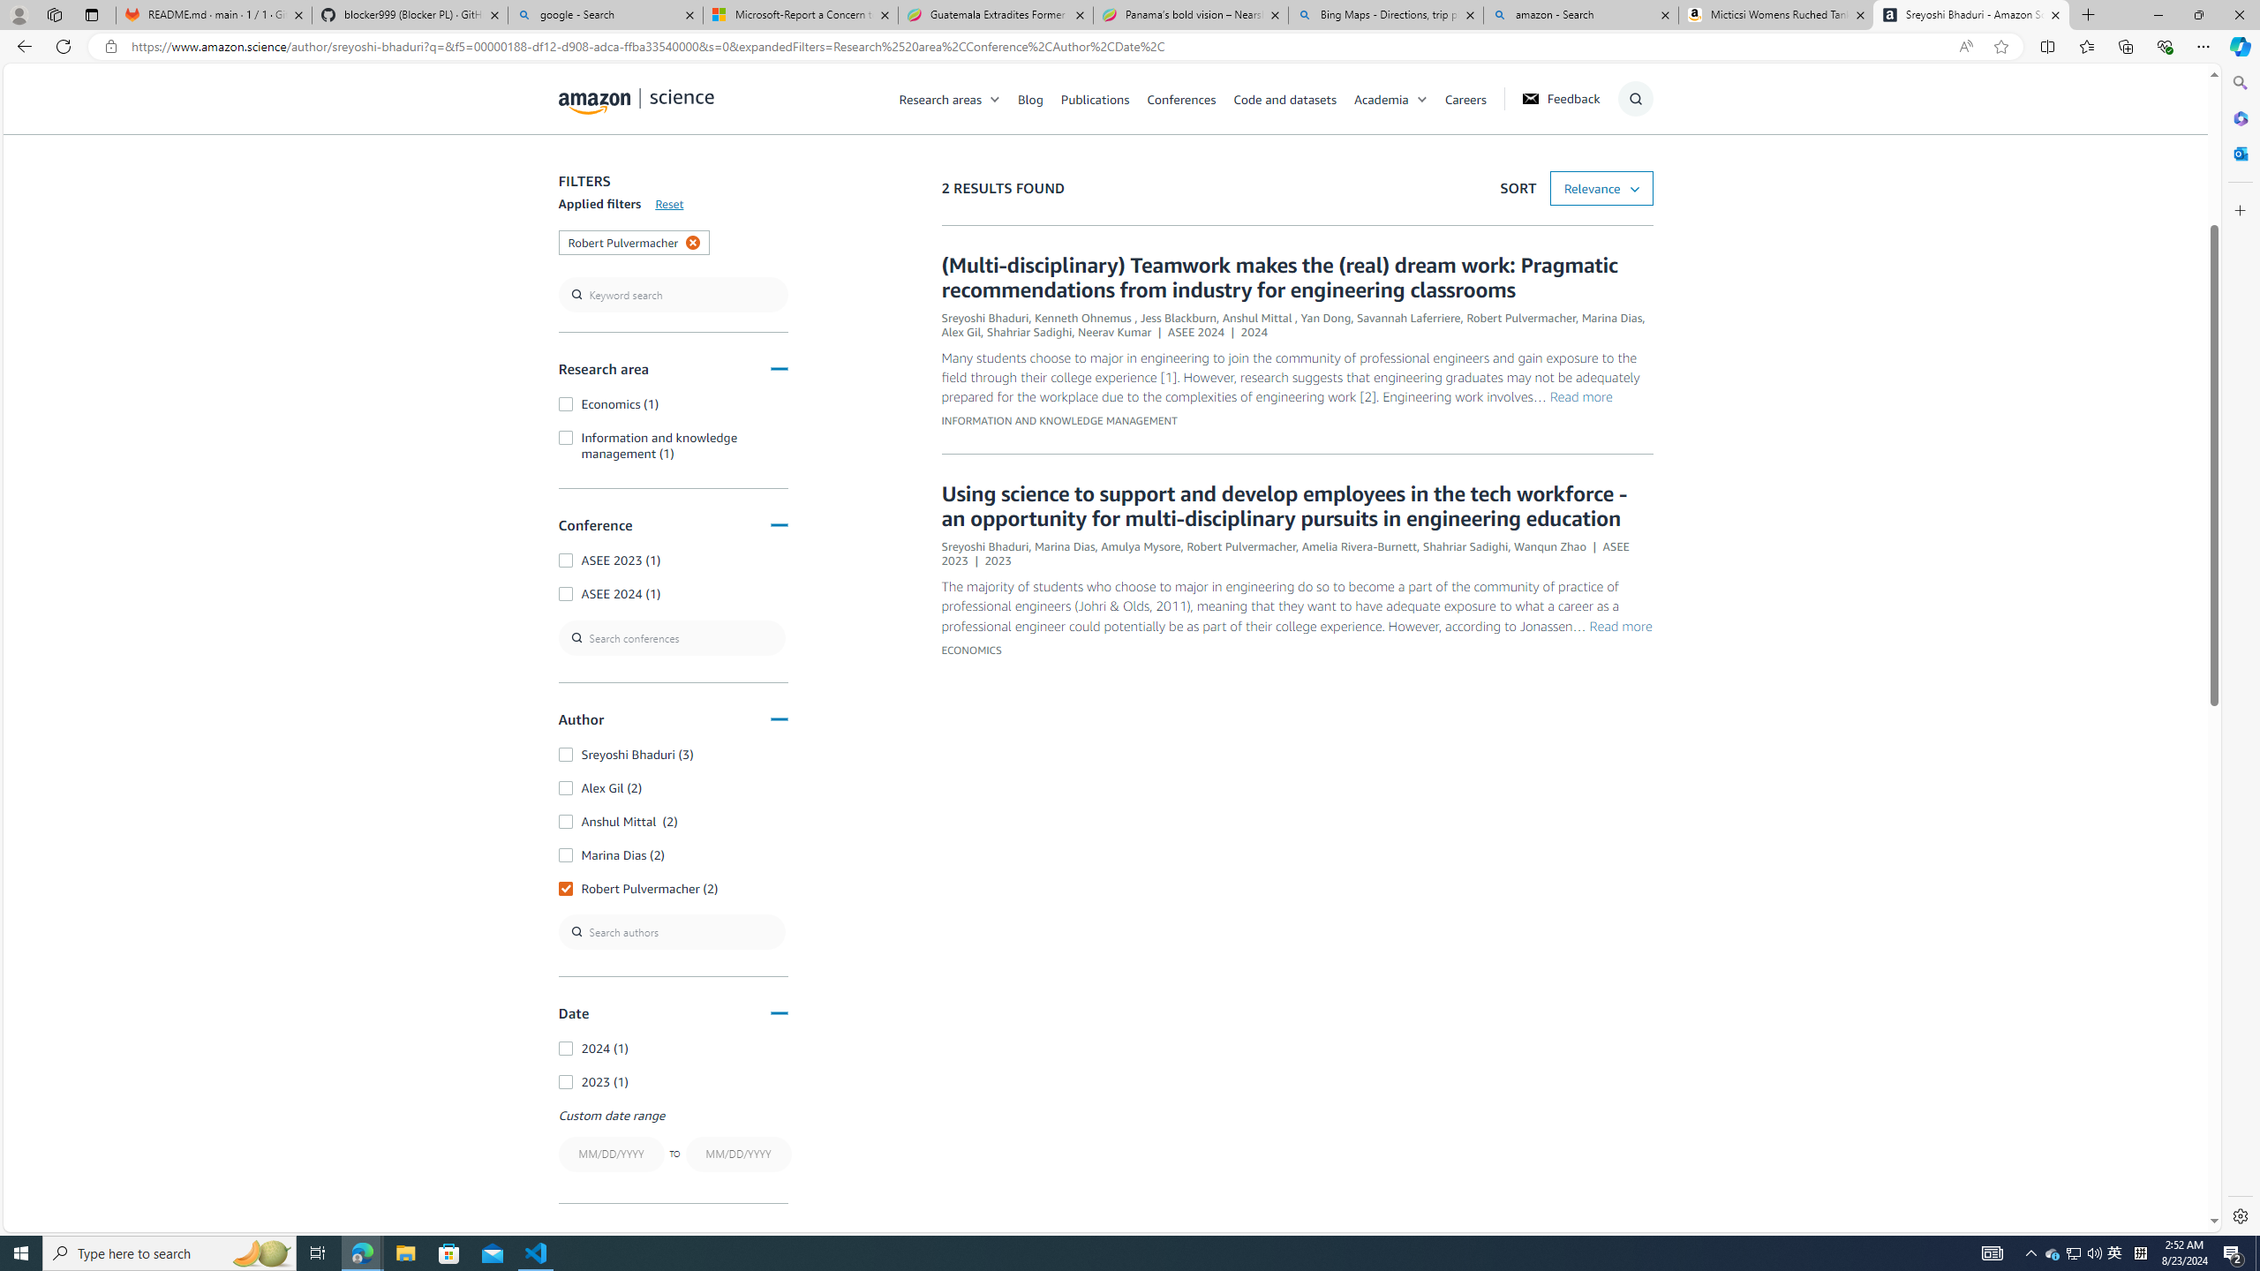 This screenshot has height=1271, width=2260. I want to click on 'Blog', so click(1039, 98).